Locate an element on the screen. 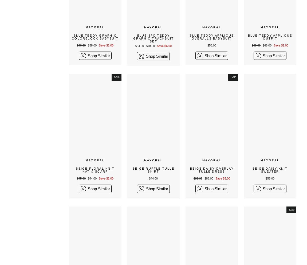  'Beige Daisy Knit Sweater' is located at coordinates (270, 170).